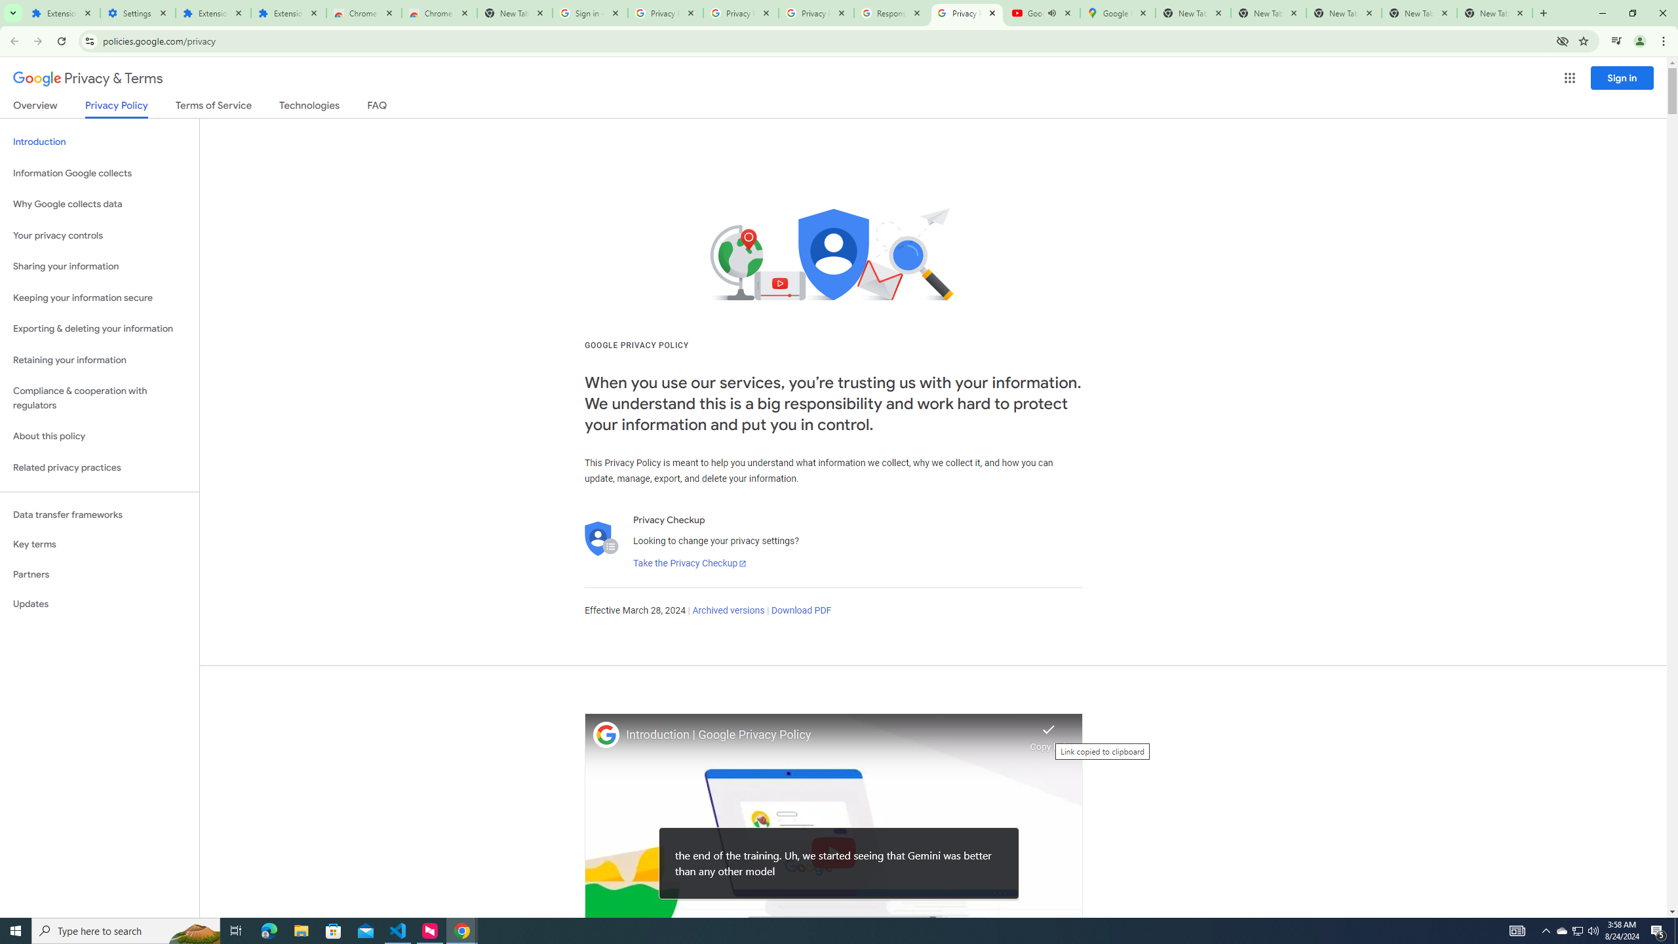 Image resolution: width=1678 pixels, height=944 pixels. I want to click on 'Sharing your information', so click(99, 265).